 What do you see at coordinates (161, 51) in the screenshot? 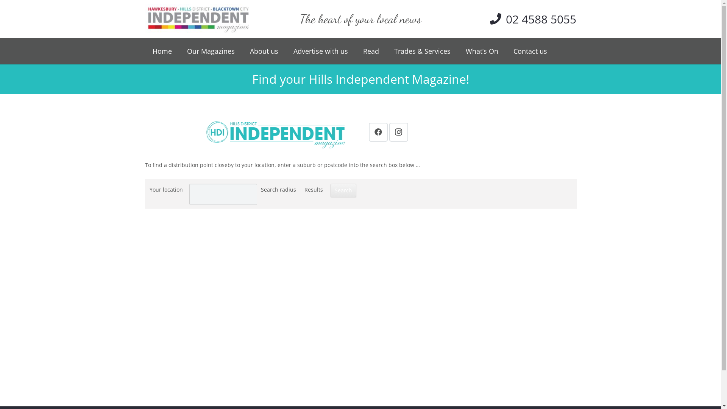
I see `'Home'` at bounding box center [161, 51].